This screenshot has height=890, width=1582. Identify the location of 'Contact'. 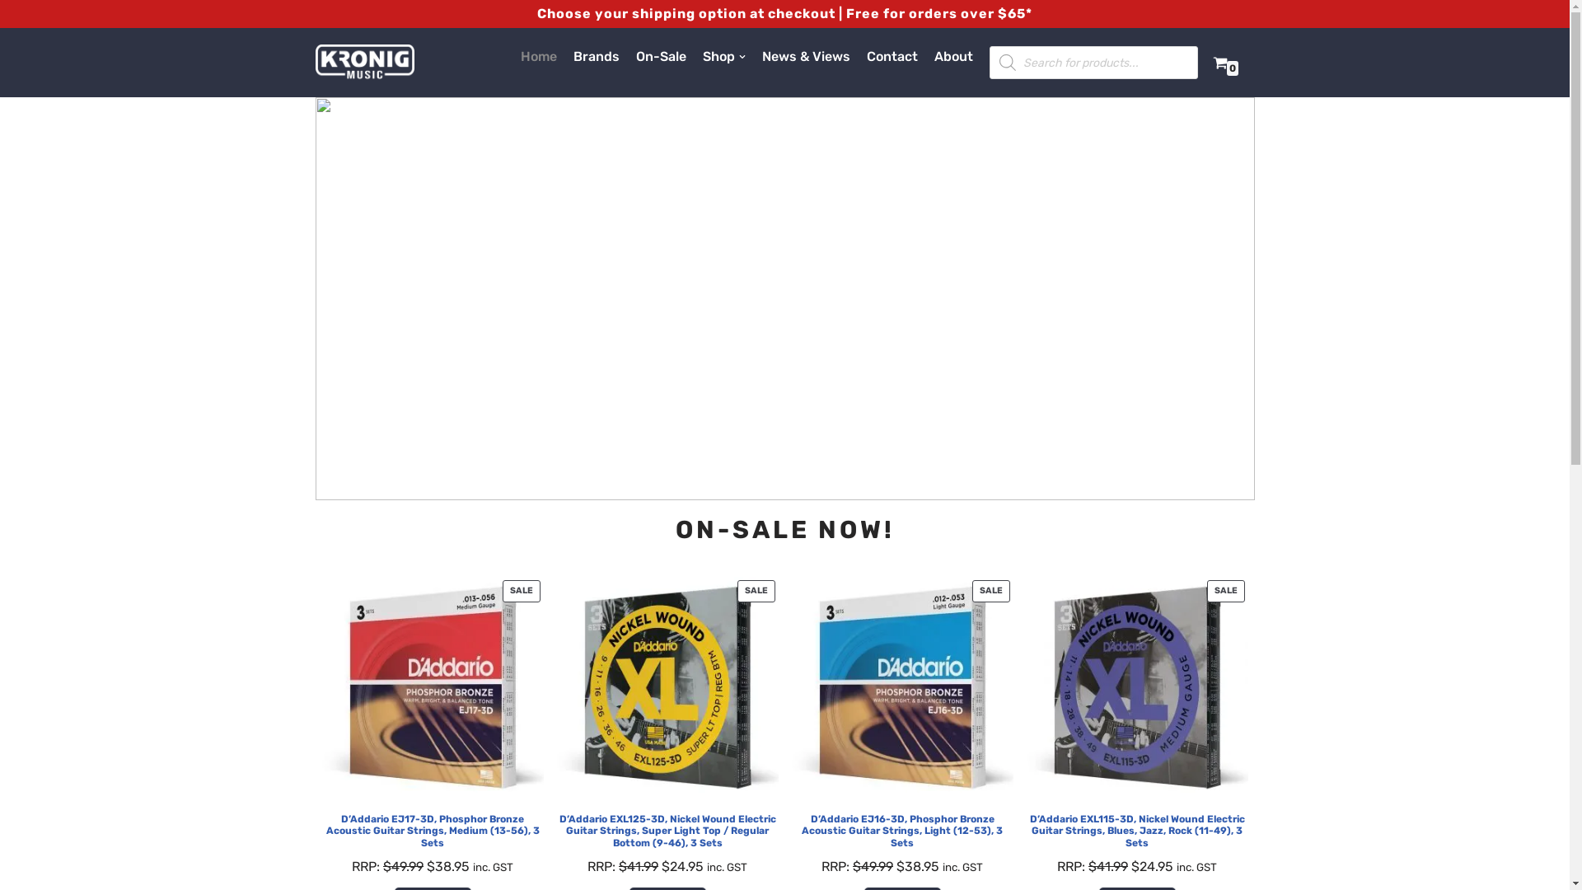
(892, 55).